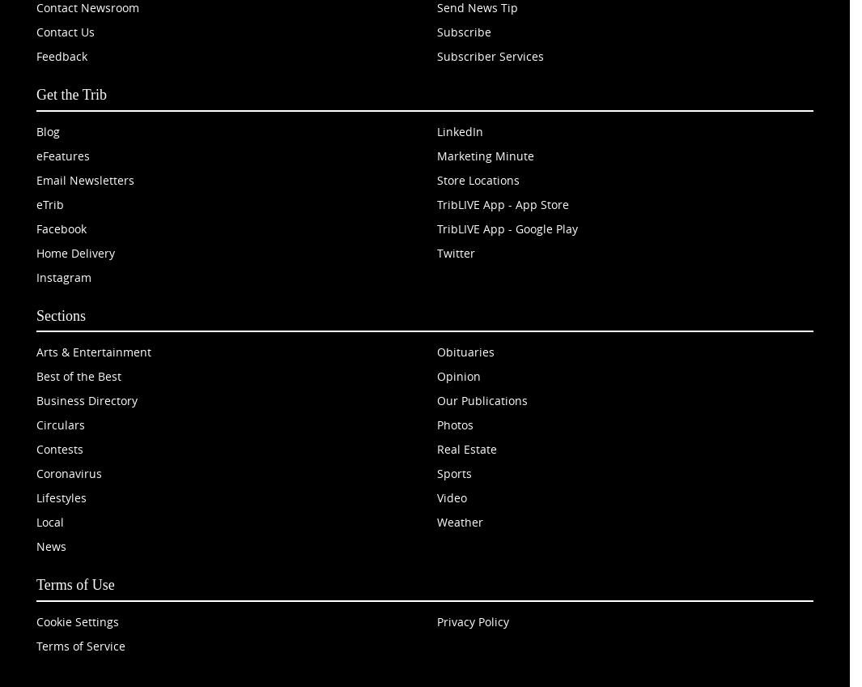  What do you see at coordinates (61, 228) in the screenshot?
I see `'Facebook'` at bounding box center [61, 228].